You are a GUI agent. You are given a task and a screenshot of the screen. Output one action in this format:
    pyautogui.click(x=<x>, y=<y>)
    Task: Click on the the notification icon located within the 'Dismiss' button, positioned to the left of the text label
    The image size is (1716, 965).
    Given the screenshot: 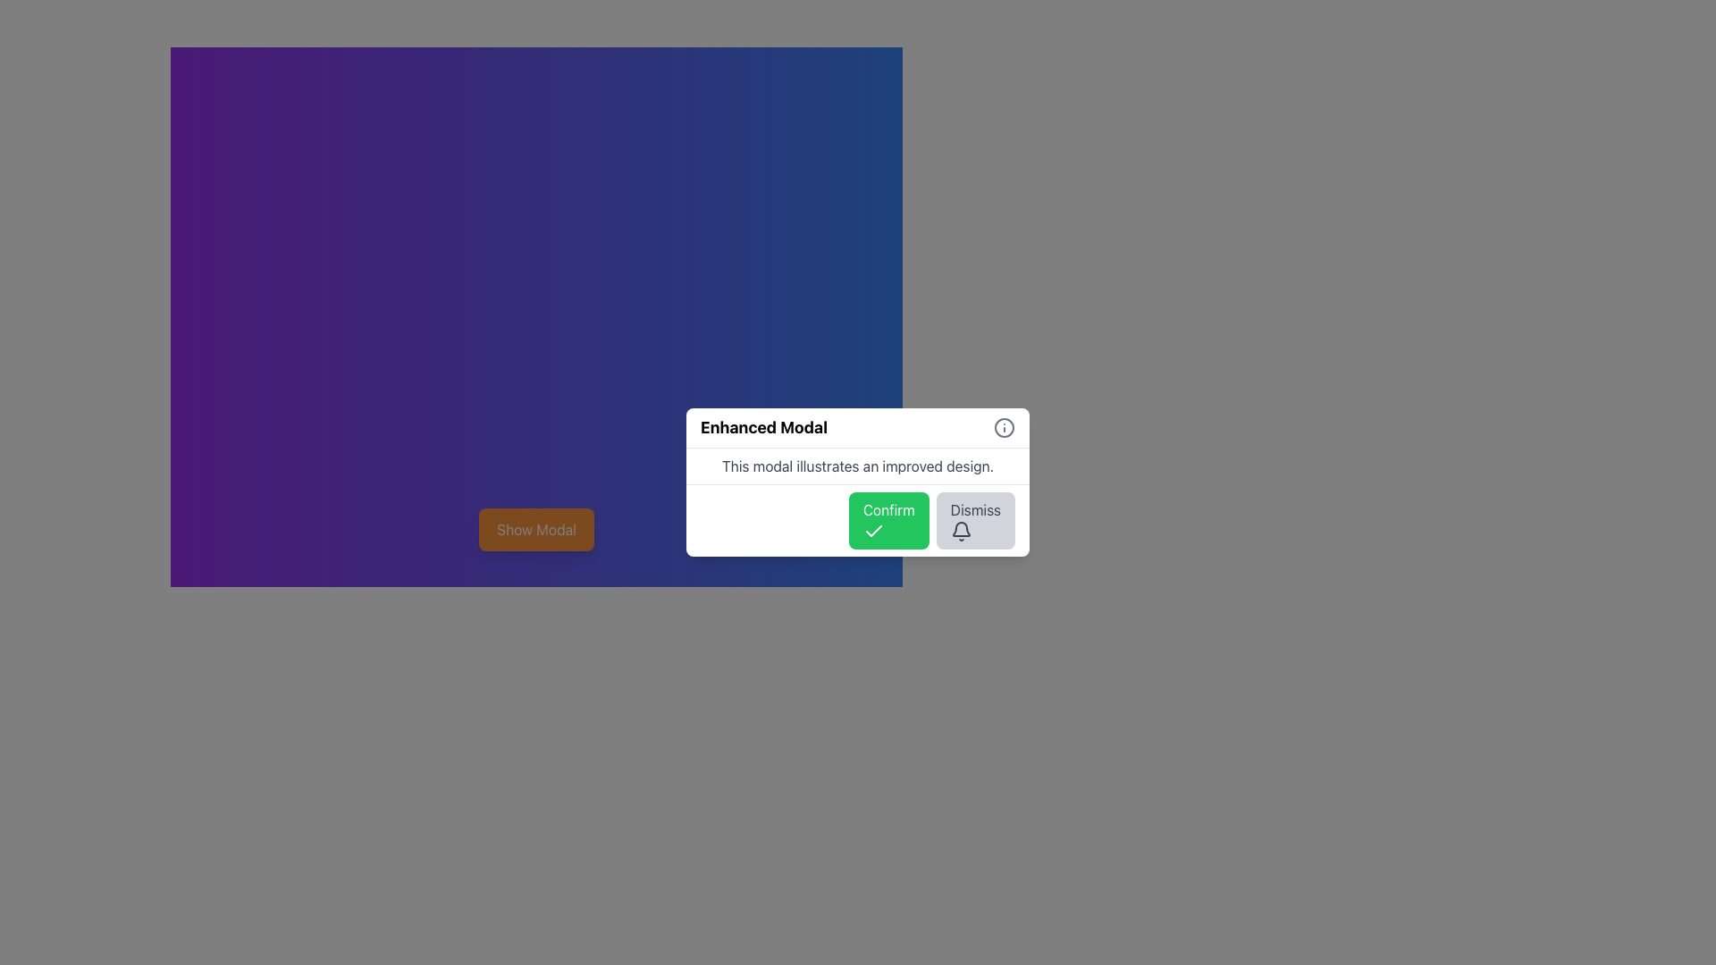 What is the action you would take?
    pyautogui.click(x=960, y=530)
    